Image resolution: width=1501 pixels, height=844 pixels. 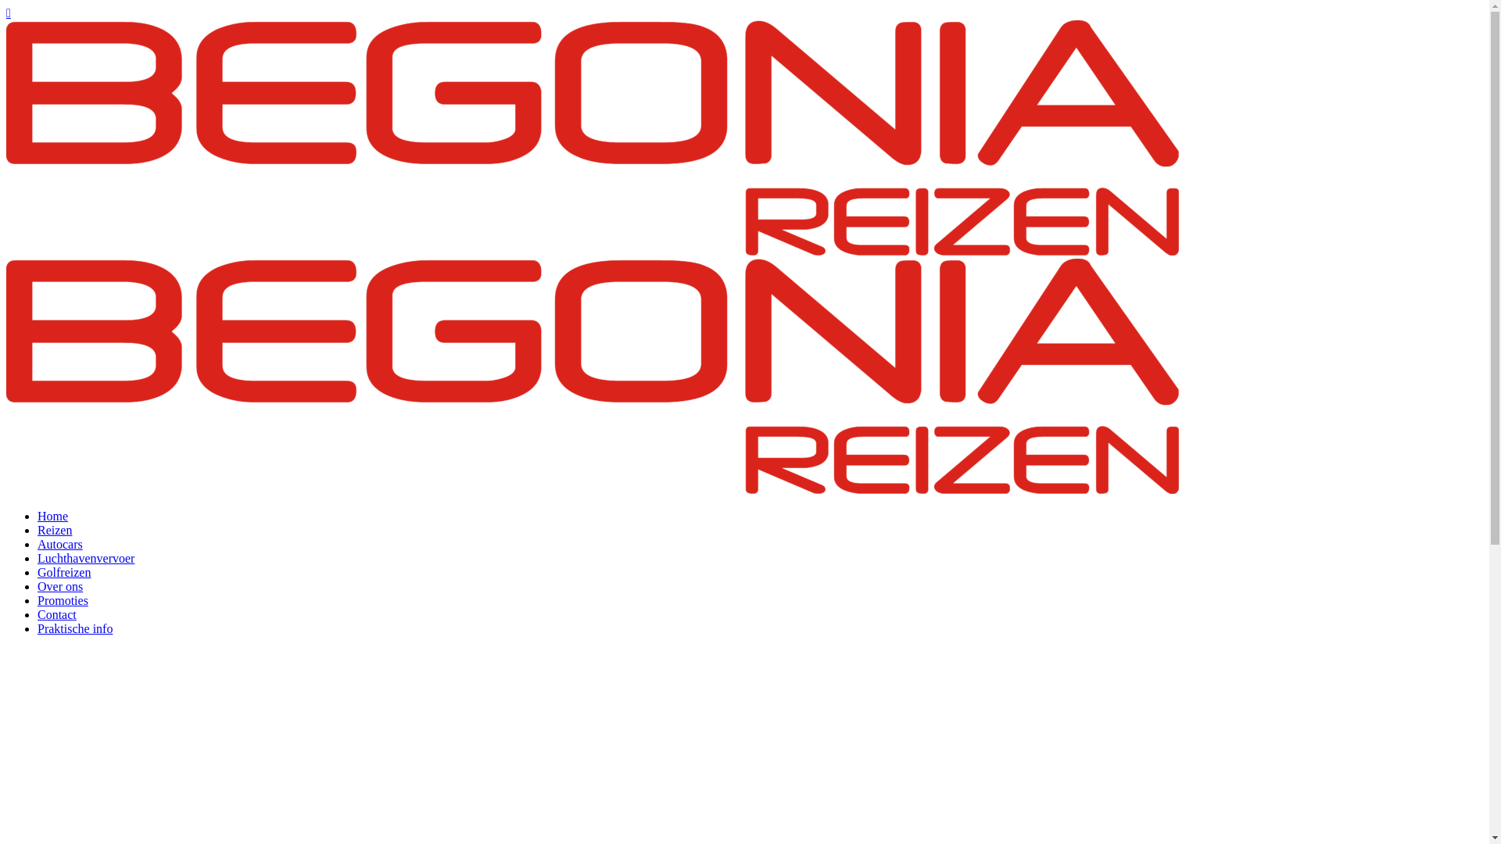 I want to click on 'Golfreizen', so click(x=63, y=572).